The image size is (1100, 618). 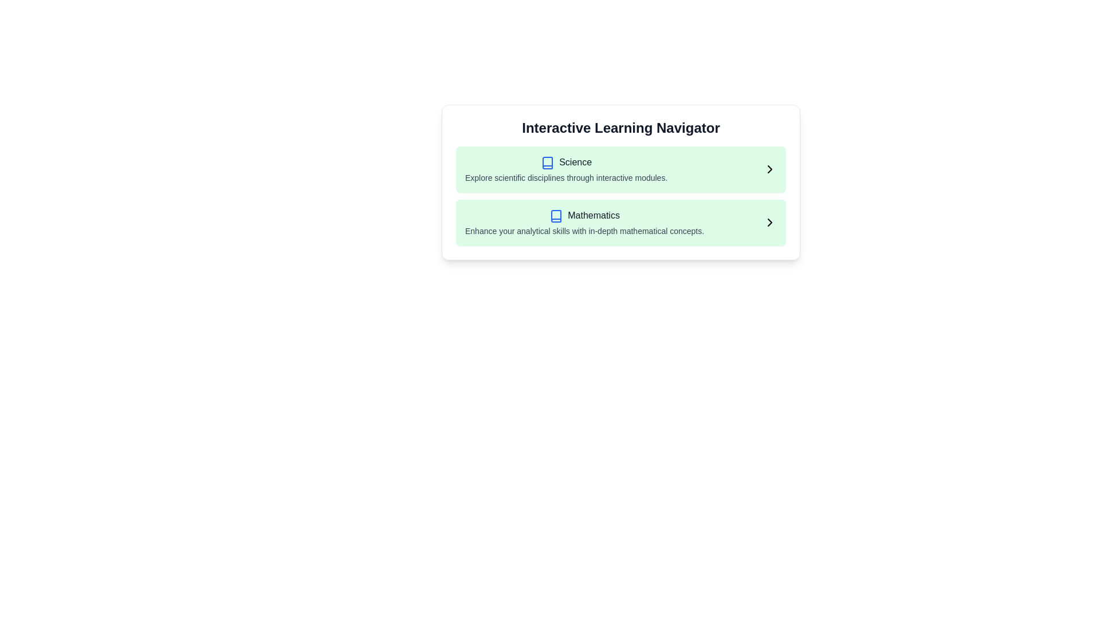 I want to click on the 'Science' list item element, which features a blue book icon on the left and a right-pointing arrow icon on the right, so click(x=620, y=169).